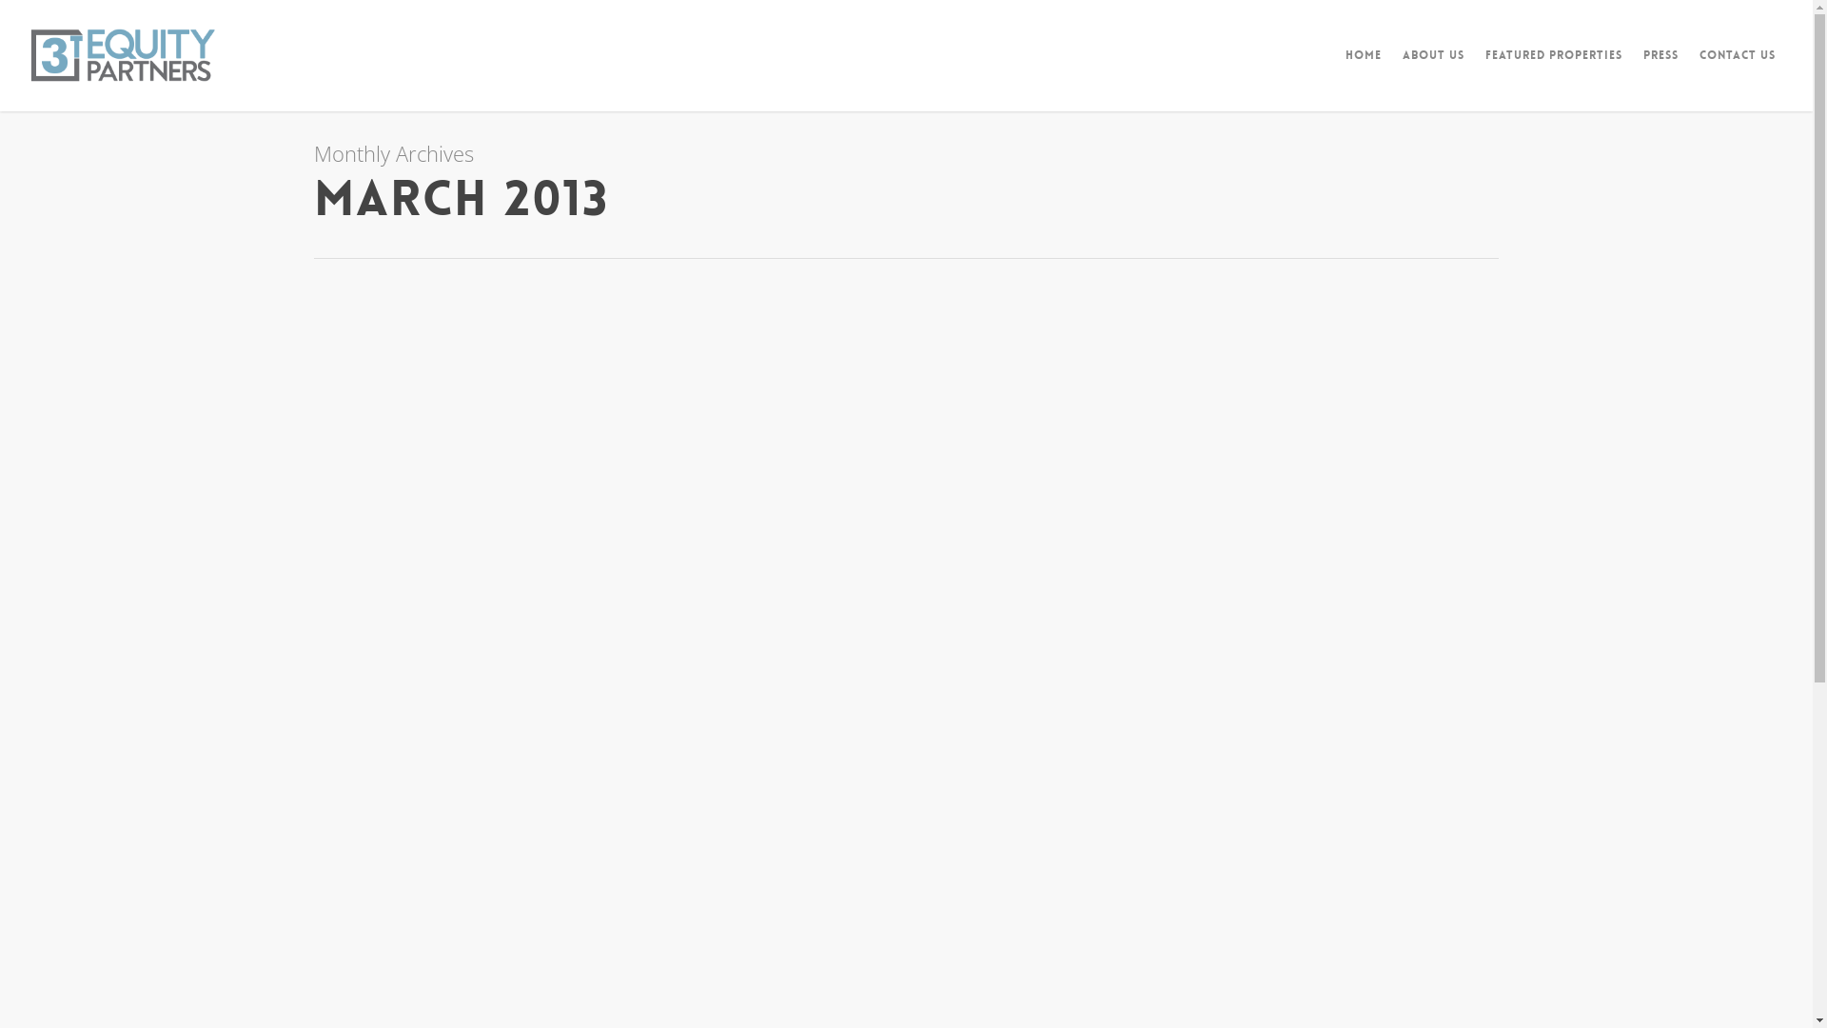 This screenshot has width=1827, height=1028. What do you see at coordinates (1363, 68) in the screenshot?
I see `'HOME'` at bounding box center [1363, 68].